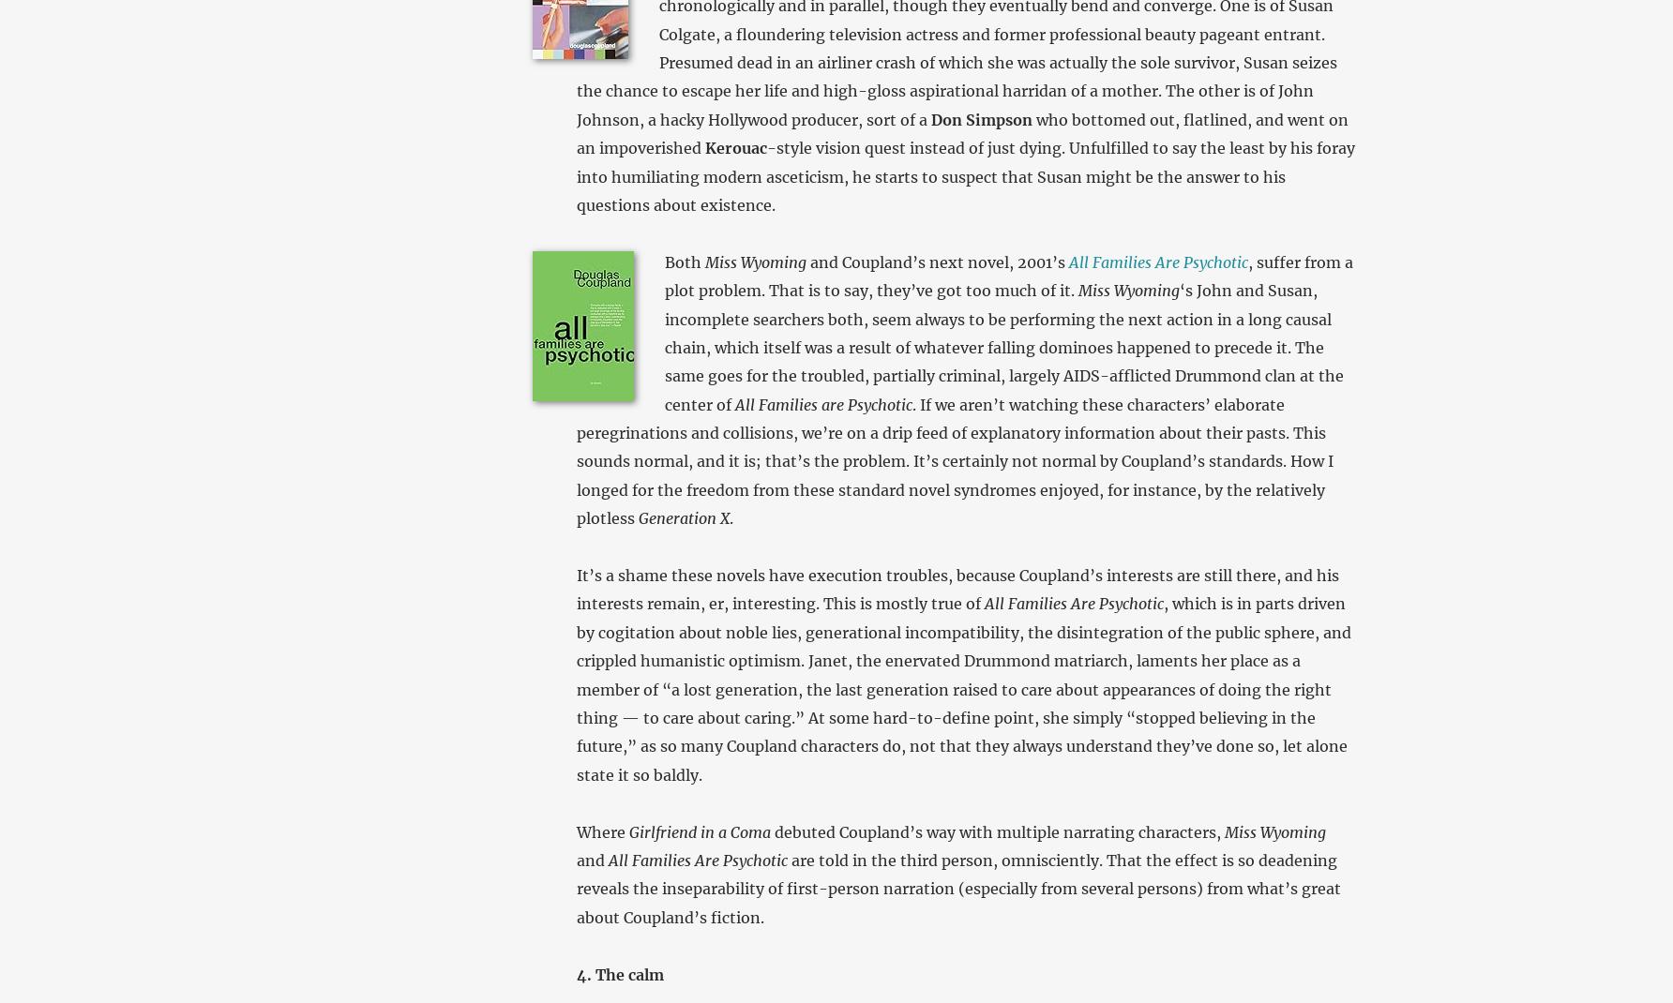  I want to click on '. If we aren’t watching these characters’ elaborate peregrinations and collisions, we’re on a drip feed of explanatory information about their pasts. This sounds normal, and it is; that’s the problem. It’s certainly not normal by Coupland’s standards. How I longed for the freedom from these standard novel syndromes enjoyed, for instance, by the relatively plotless', so click(575, 460).